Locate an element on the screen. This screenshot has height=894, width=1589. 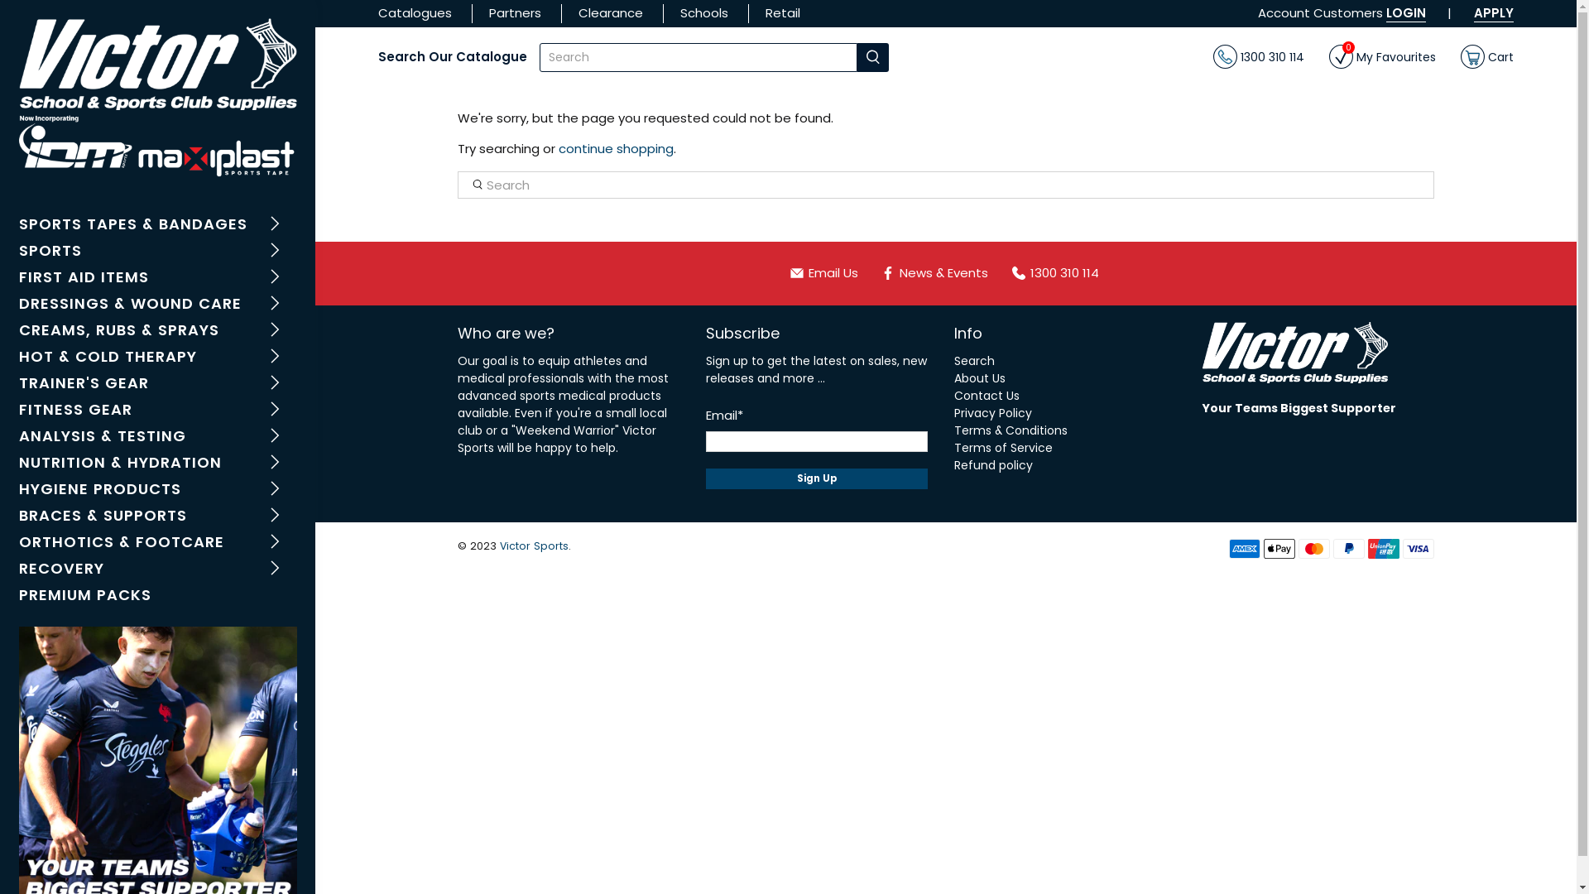
'Contact Us' is located at coordinates (987, 396).